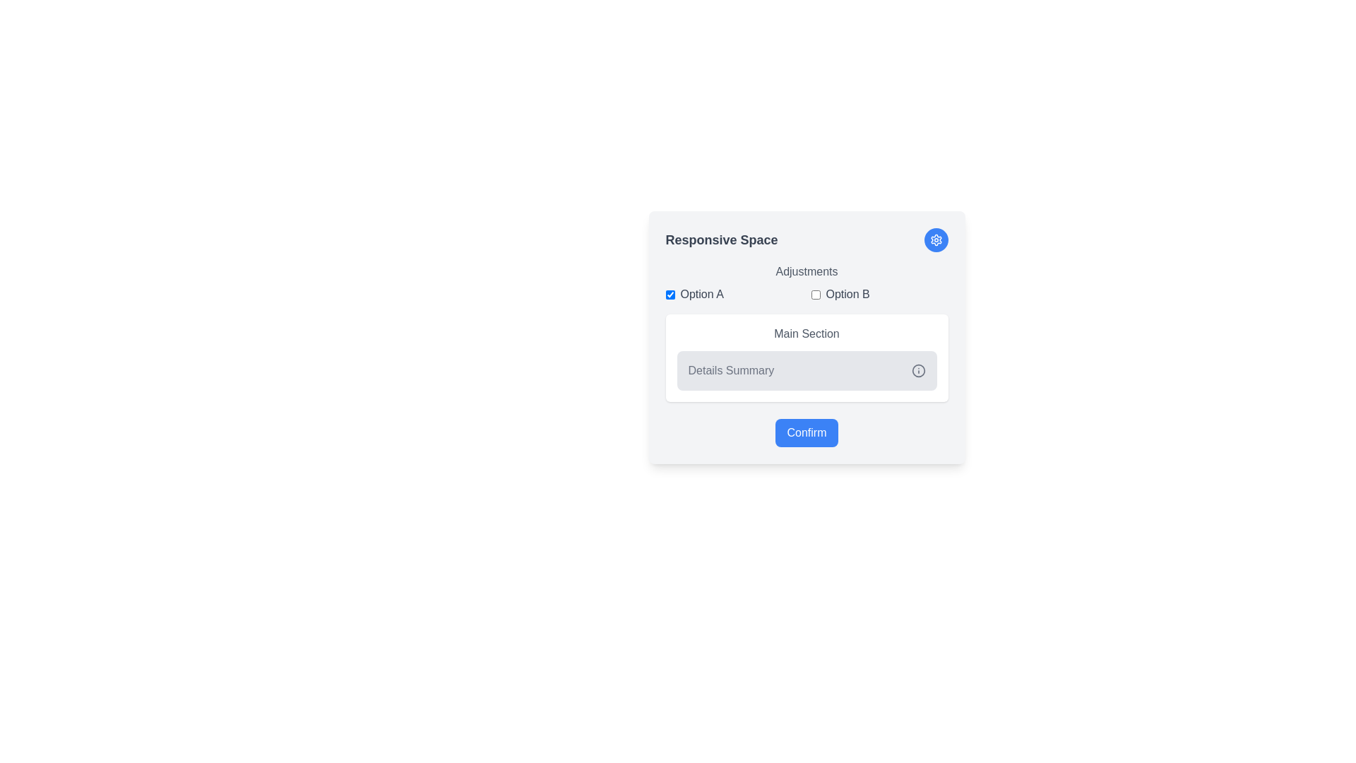 The width and height of the screenshot is (1356, 763). What do you see at coordinates (734, 293) in the screenshot?
I see `the 'Option A' checkbox located in the top left of the 'Responsive Space' dialog under the 'Adjustments' section` at bounding box center [734, 293].